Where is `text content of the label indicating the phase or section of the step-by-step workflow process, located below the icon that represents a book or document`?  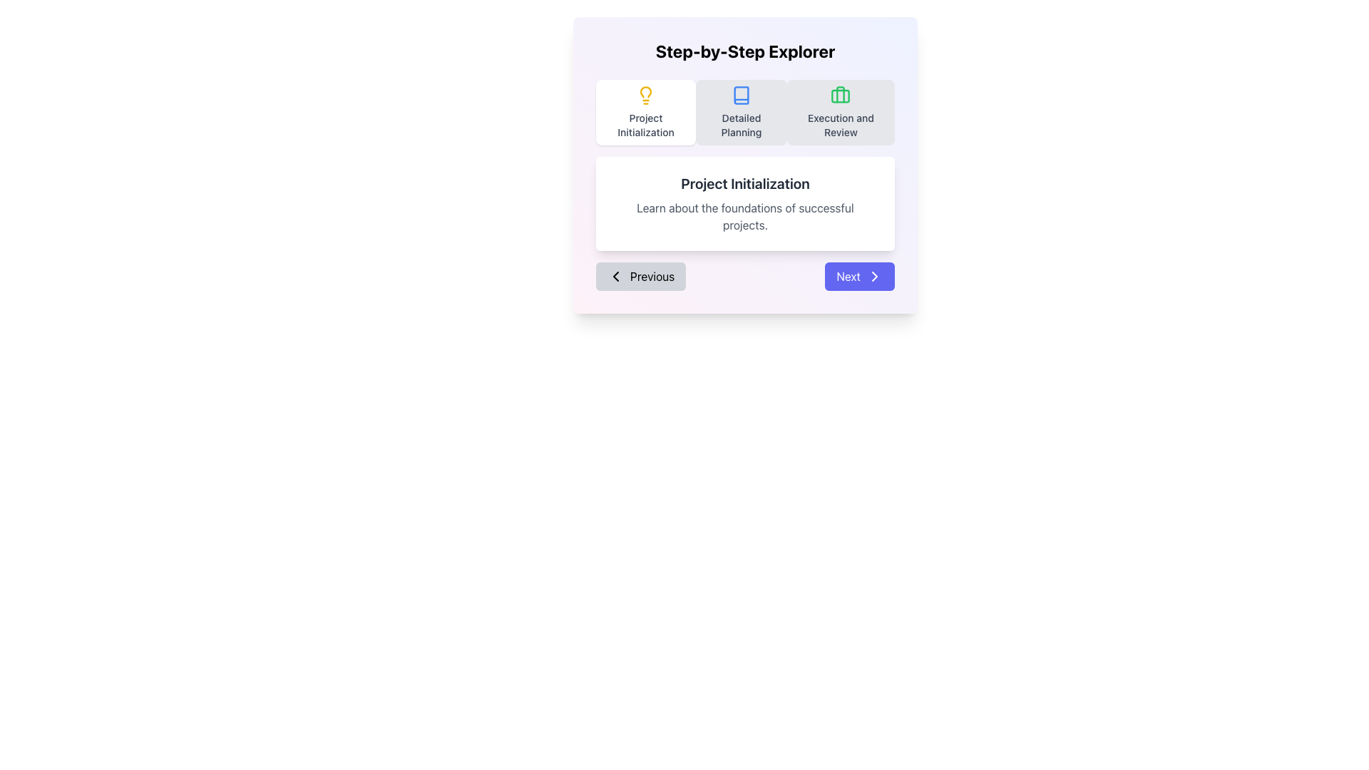 text content of the label indicating the phase or section of the step-by-step workflow process, located below the icon that represents a book or document is located at coordinates (742, 125).